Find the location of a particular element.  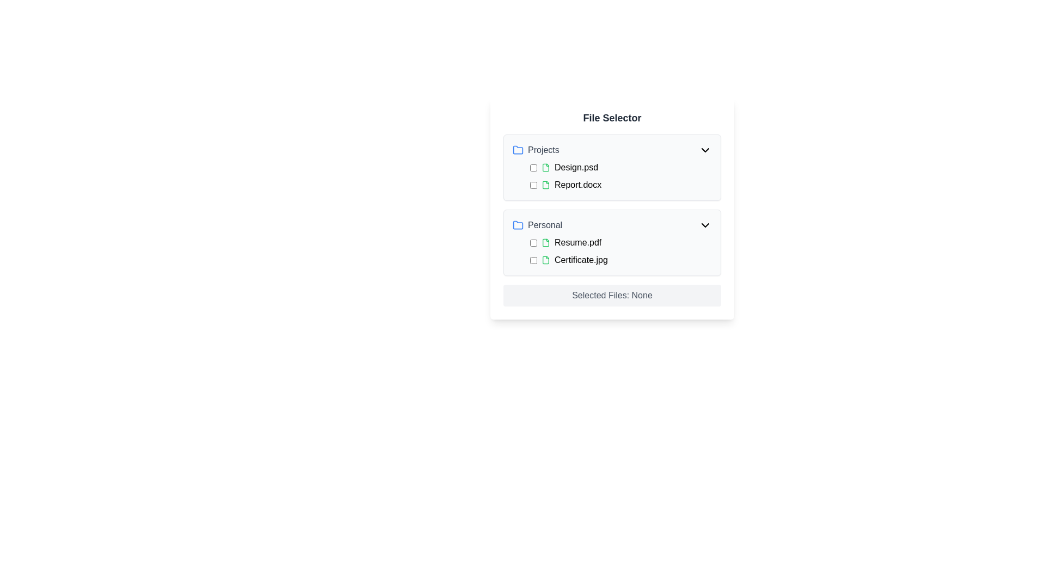

the checkbox associated with the file 'Certificate.jpg' is located at coordinates (533, 260).